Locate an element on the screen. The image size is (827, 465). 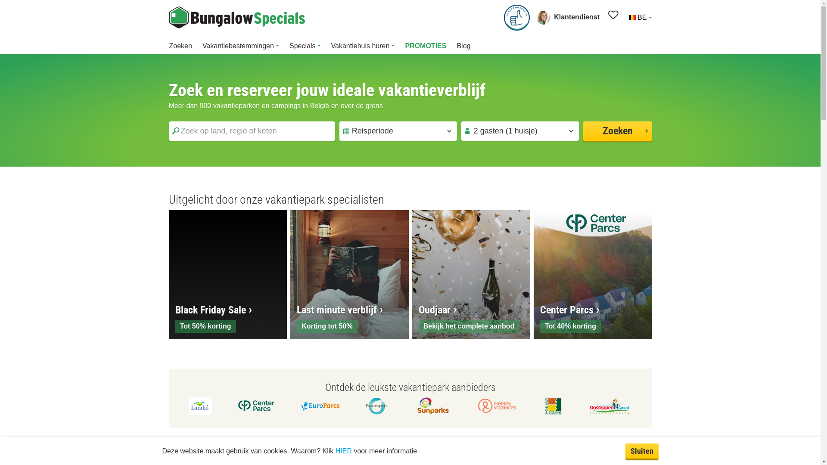
'Sluiten' is located at coordinates (642, 450).